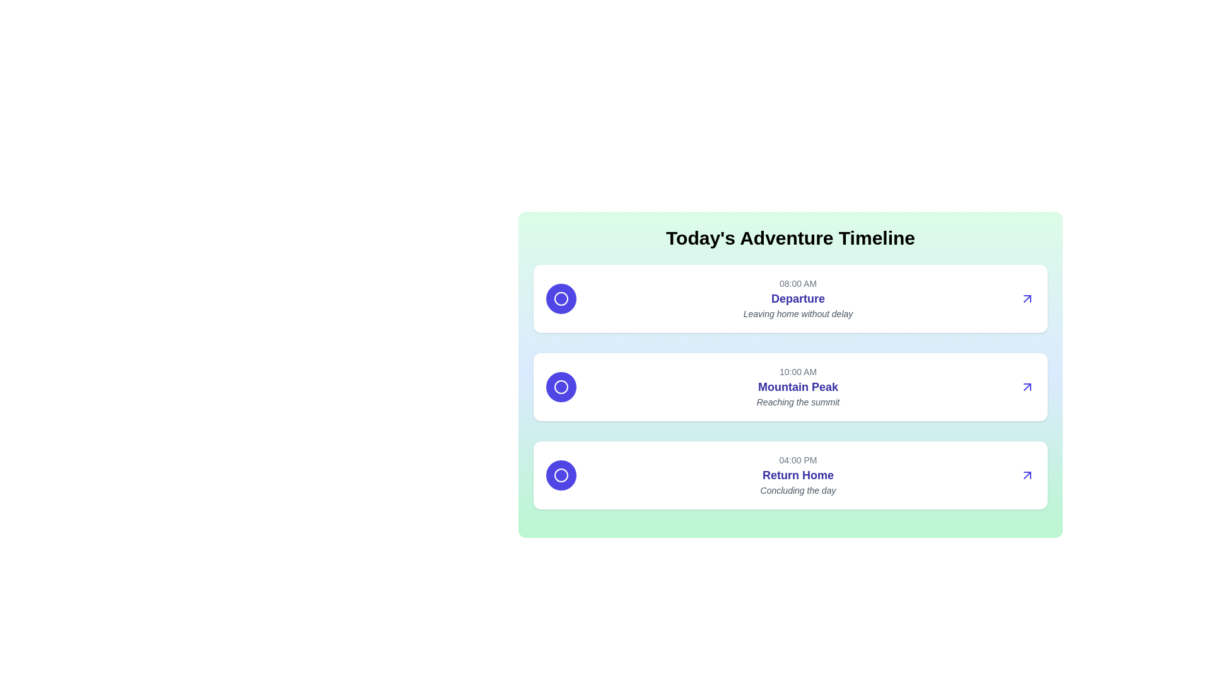 This screenshot has height=681, width=1211. I want to click on the third circular icon on the left side of the timeline interface, which indicates the 'Return Home' event in the timeline, so click(560, 475).